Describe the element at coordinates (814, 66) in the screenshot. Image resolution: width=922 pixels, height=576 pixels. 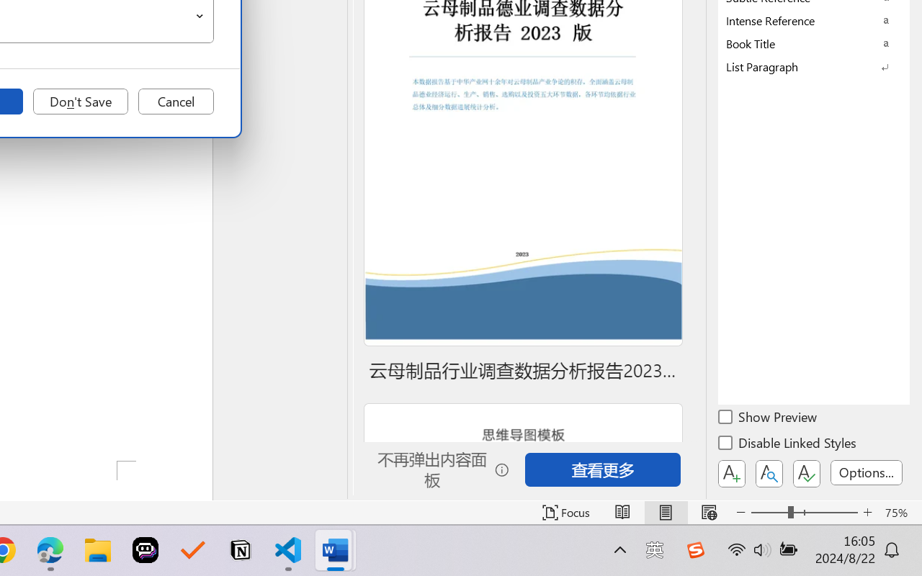
I see `'List Paragraph'` at that location.